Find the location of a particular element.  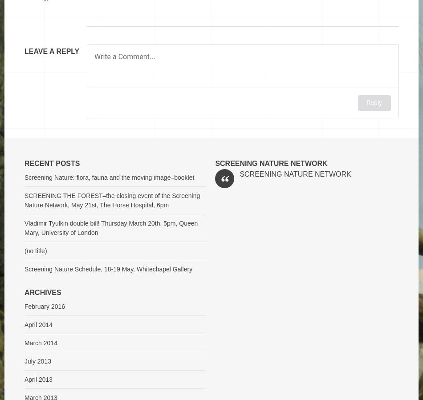

'Leave a Reply' is located at coordinates (52, 51).